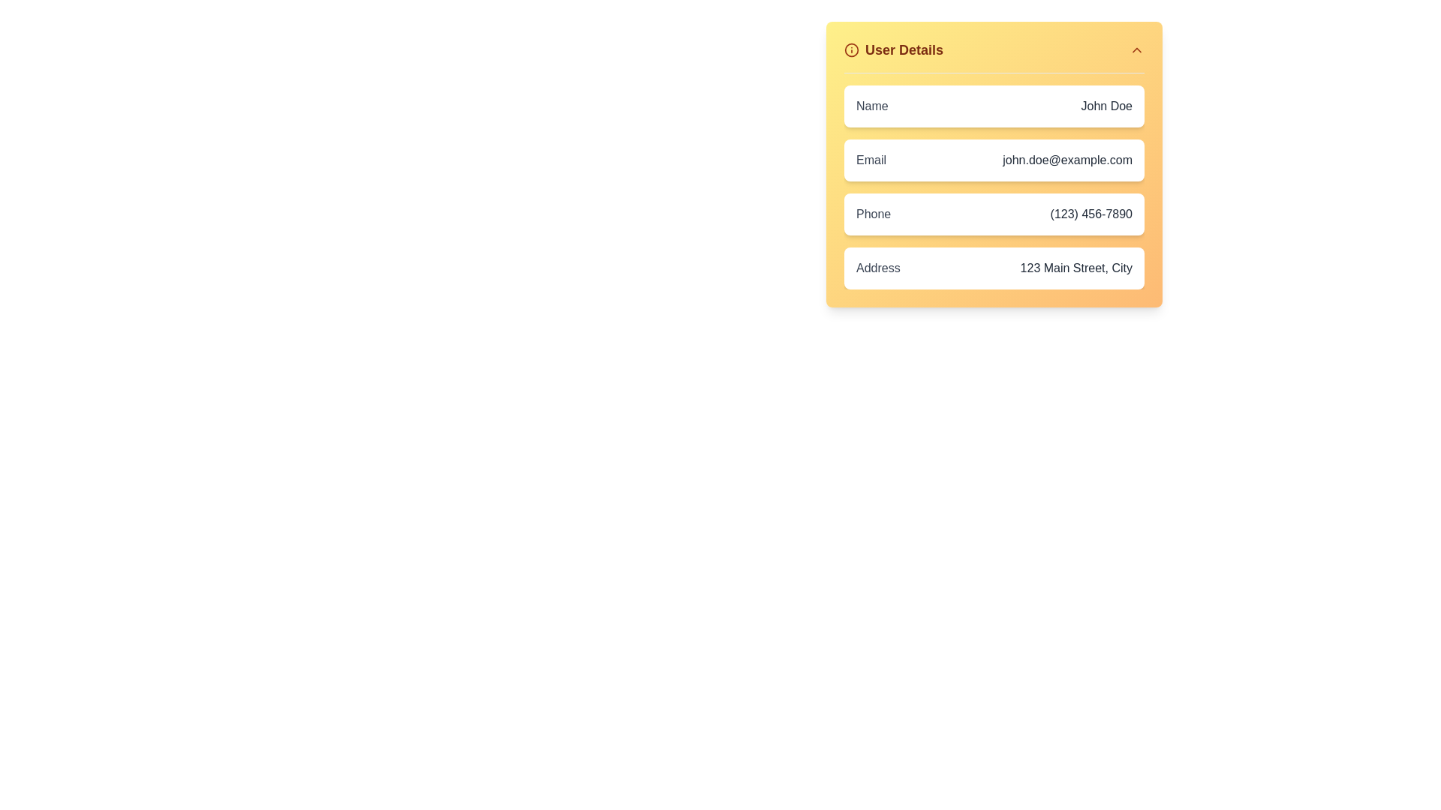 This screenshot has width=1441, height=810. Describe the element at coordinates (1066, 160) in the screenshot. I see `the email address text label displayed` at that location.